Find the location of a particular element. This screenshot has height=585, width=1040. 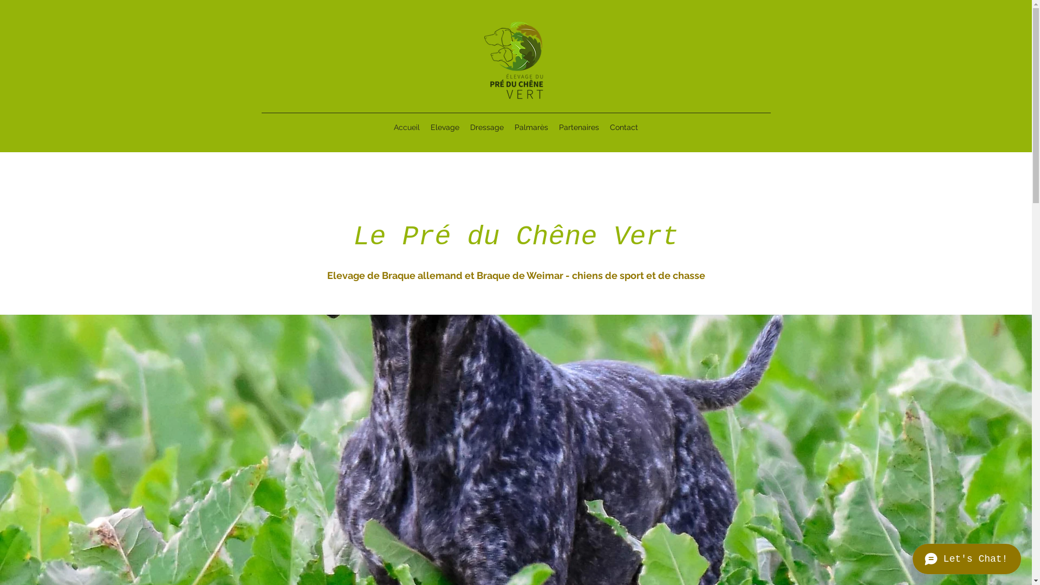

'Contact' is located at coordinates (624, 127).